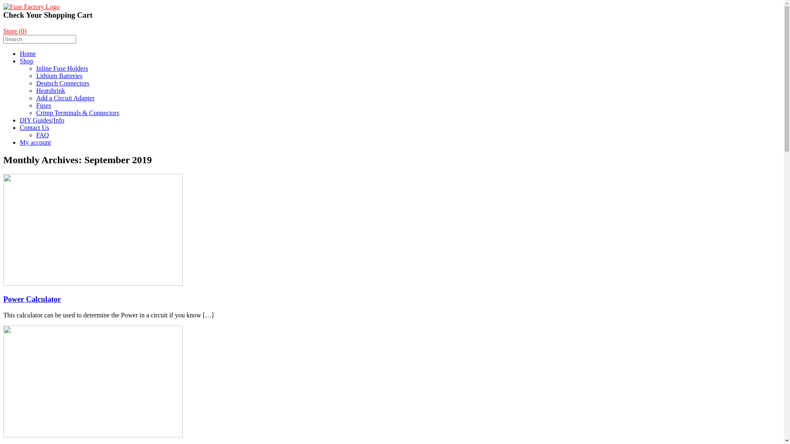 Image resolution: width=790 pixels, height=444 pixels. Describe the element at coordinates (35, 68) in the screenshot. I see `'Inline Fuse Holders'` at that location.